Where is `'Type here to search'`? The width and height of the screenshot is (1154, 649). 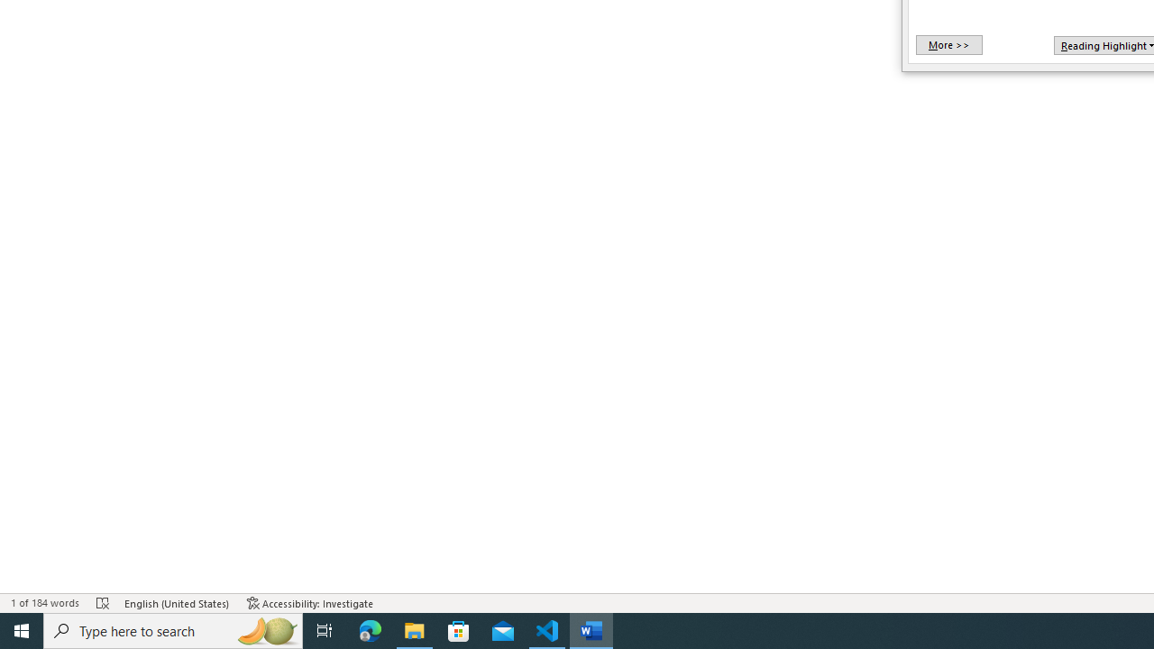 'Type here to search' is located at coordinates (173, 629).